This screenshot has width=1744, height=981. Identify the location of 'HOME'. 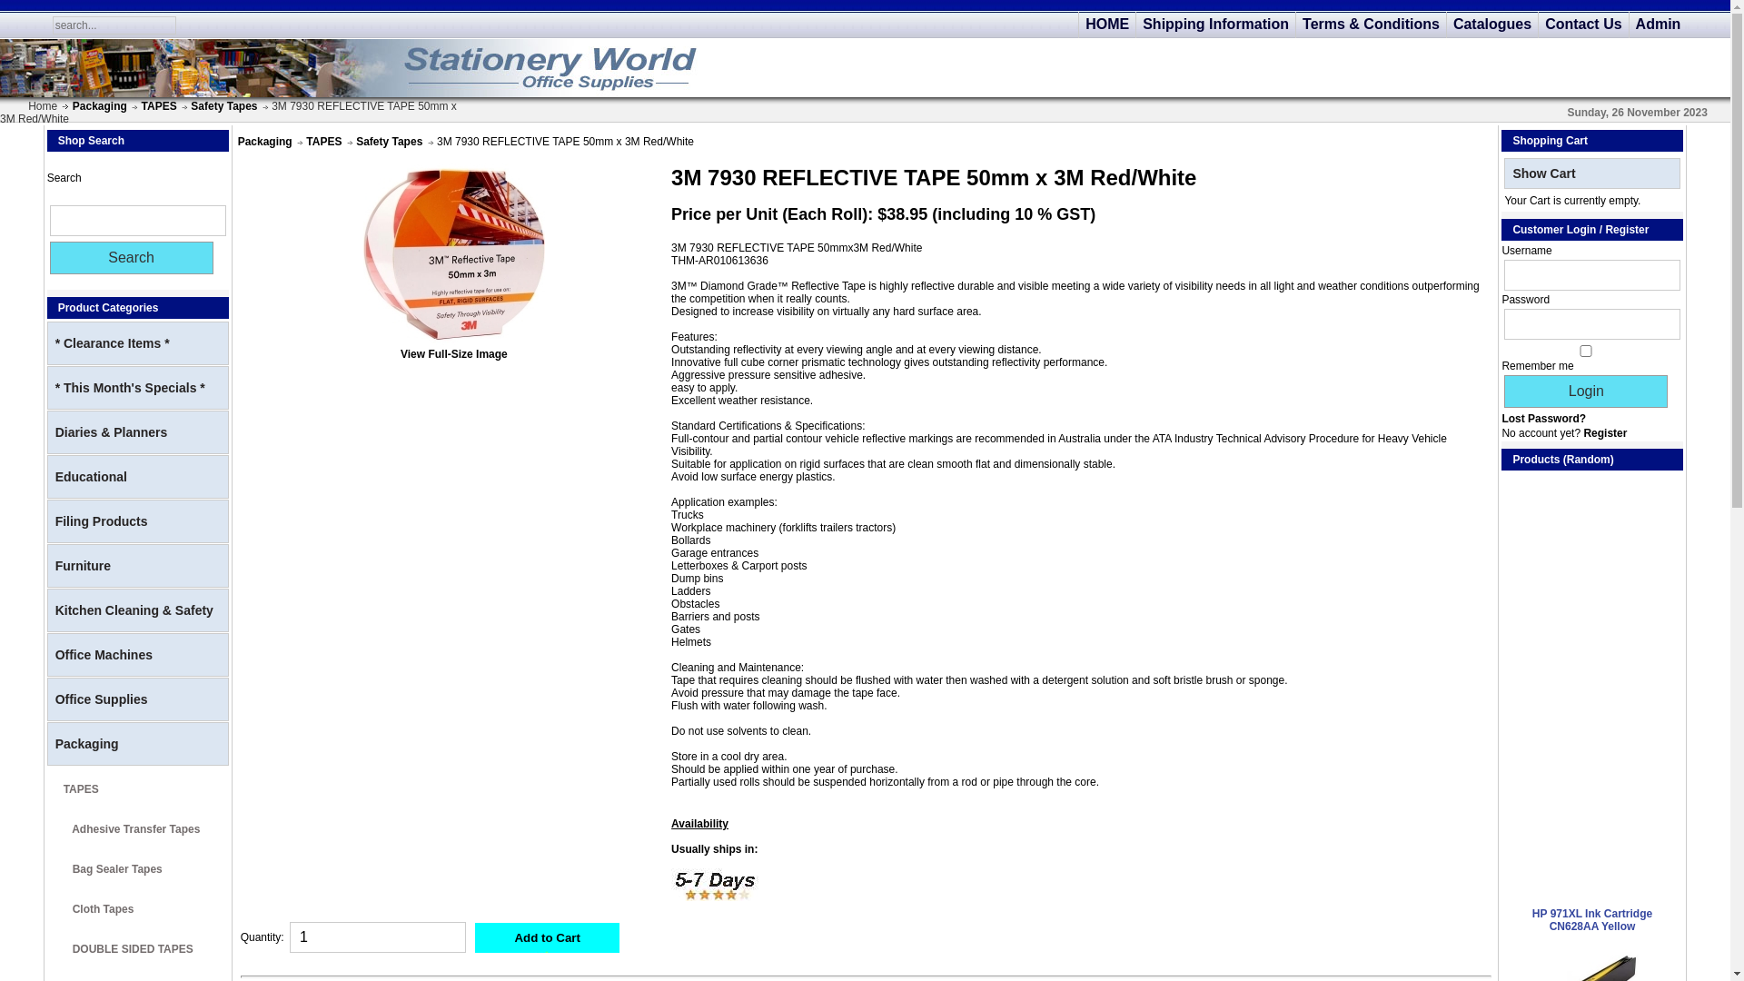
(1106, 24).